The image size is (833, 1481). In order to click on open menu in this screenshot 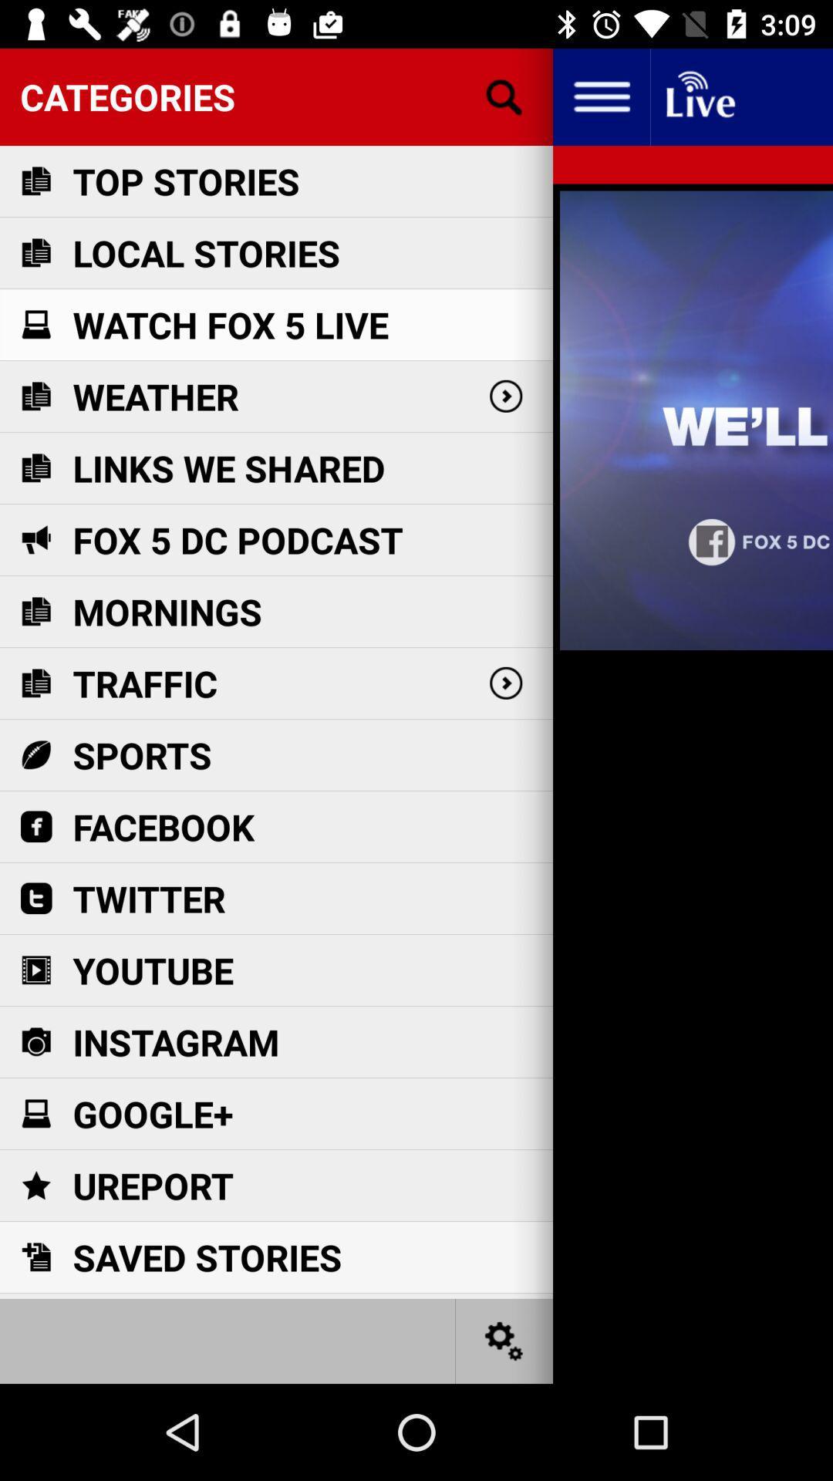, I will do `click(600, 96)`.